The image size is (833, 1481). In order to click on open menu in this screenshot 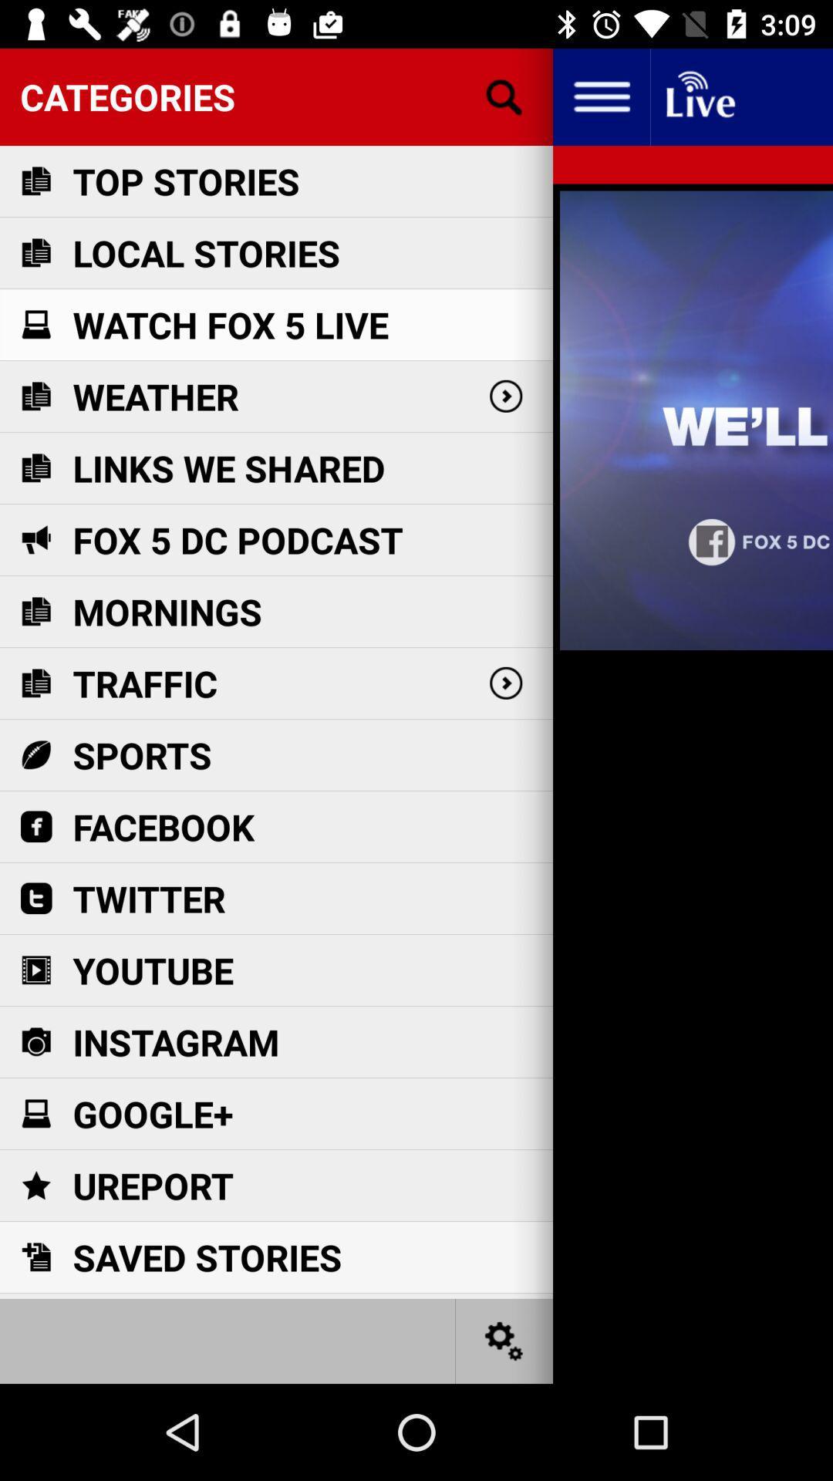, I will do `click(600, 96)`.